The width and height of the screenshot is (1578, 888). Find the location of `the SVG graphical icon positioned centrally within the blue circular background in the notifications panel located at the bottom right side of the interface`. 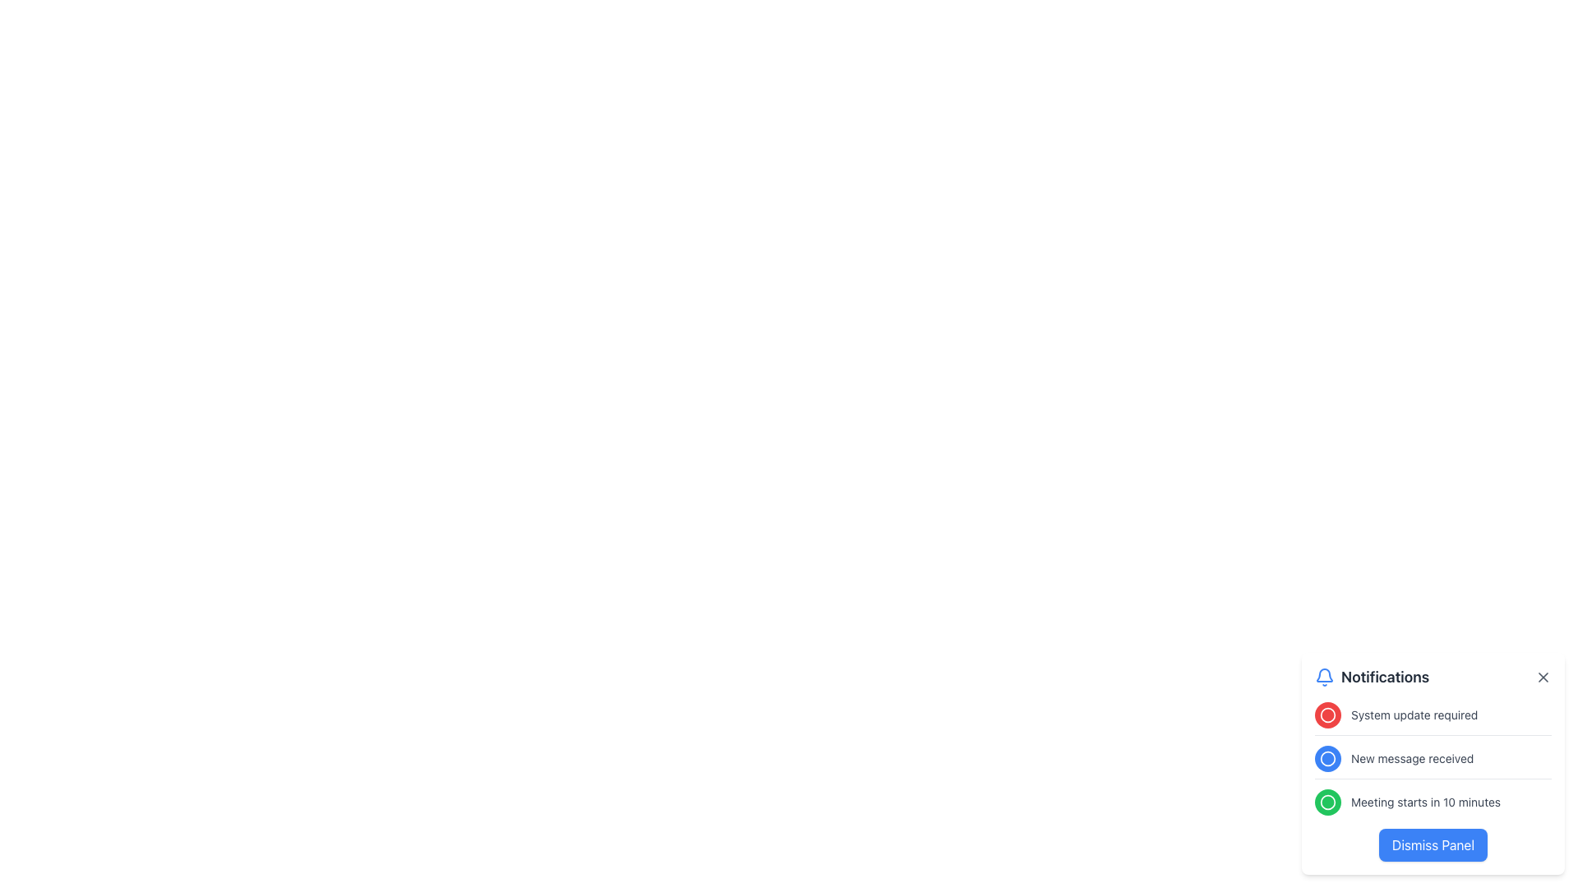

the SVG graphical icon positioned centrally within the blue circular background in the notifications panel located at the bottom right side of the interface is located at coordinates (1328, 758).